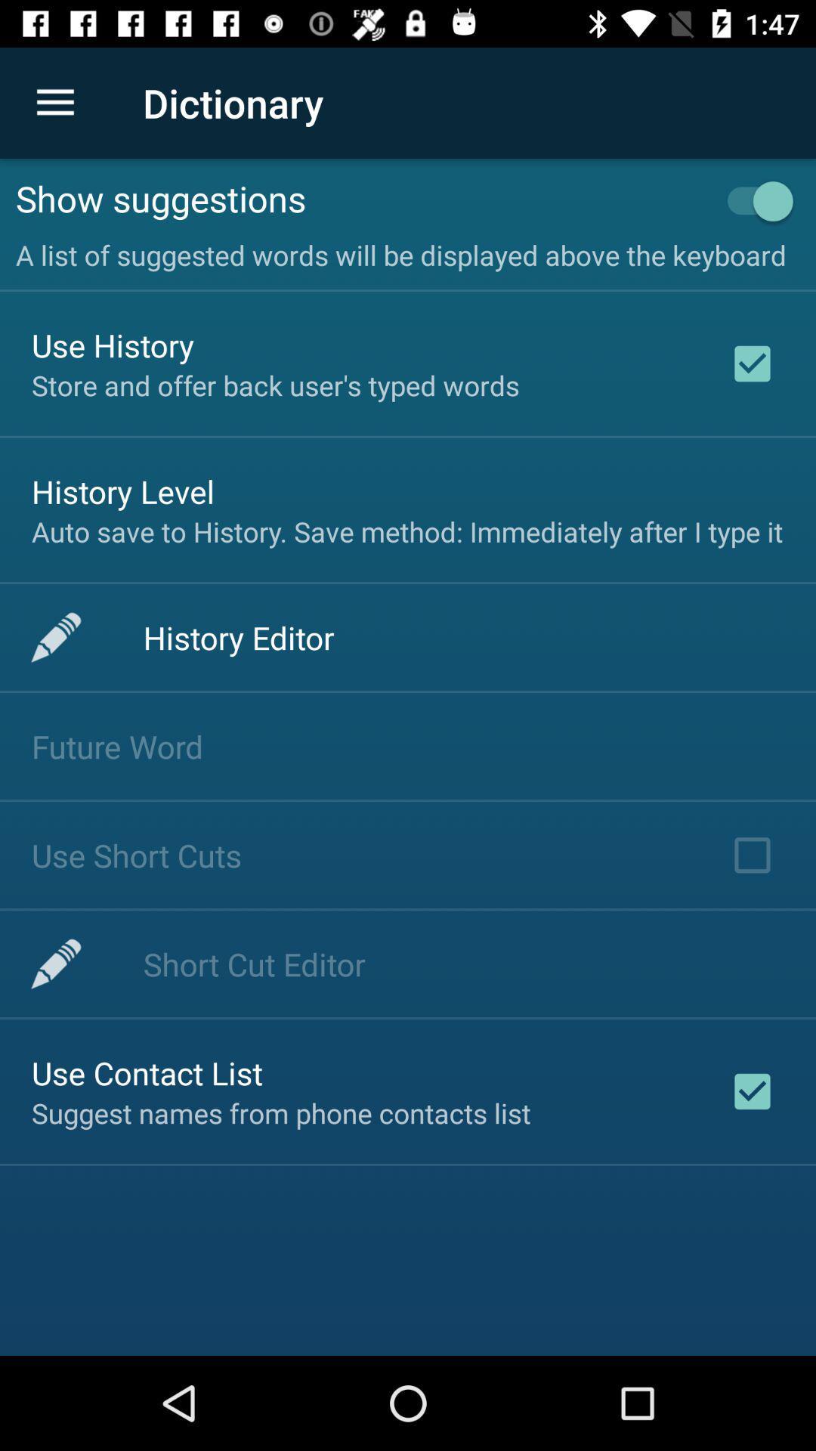 The height and width of the screenshot is (1451, 816). I want to click on icon above show suggestions item, so click(54, 102).